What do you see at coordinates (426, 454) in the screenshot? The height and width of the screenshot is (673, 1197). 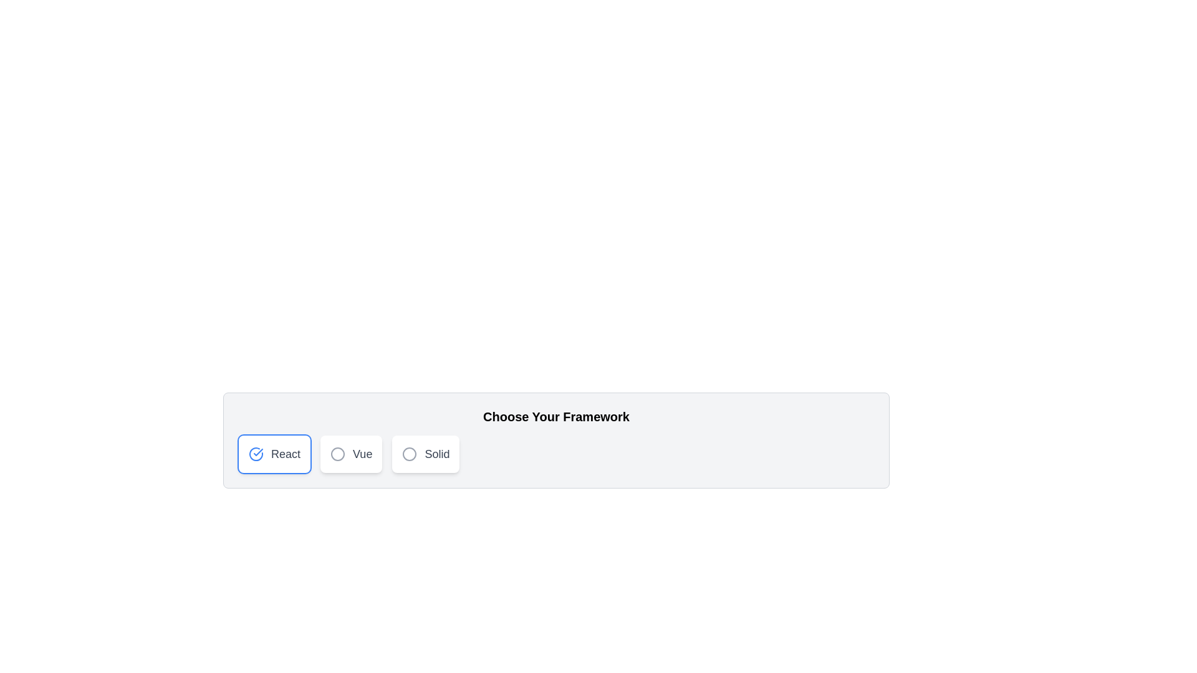 I see `the third button labeled 'Solid' in the selection group of framework options` at bounding box center [426, 454].